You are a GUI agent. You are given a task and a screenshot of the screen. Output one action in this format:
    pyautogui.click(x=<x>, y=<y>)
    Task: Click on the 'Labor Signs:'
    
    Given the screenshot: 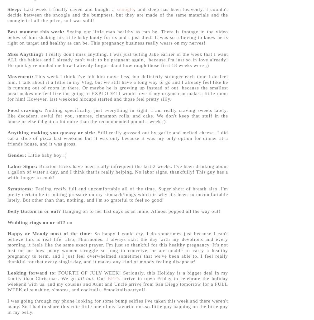 What is the action you would take?
    pyautogui.click(x=23, y=165)
    